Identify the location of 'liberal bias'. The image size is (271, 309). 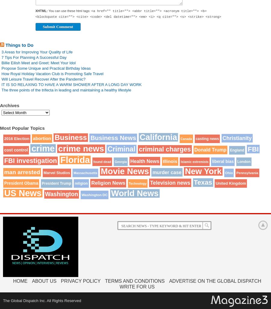
(222, 161).